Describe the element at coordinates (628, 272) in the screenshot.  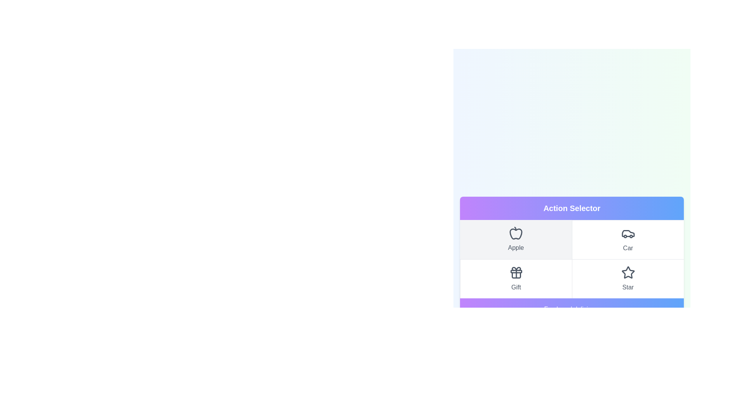
I see `the star icon located in the bottom-right cell of the grid in the 'Action Selector' section, beneath the 'Car' icon and to the right of the 'Gift' icon` at that location.